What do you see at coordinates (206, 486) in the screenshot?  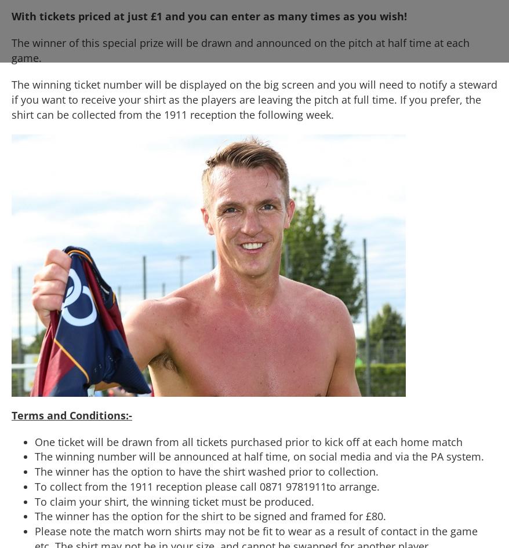 I see `'To collect from the 1911 reception please call 0871 9781911to arrange.'` at bounding box center [206, 486].